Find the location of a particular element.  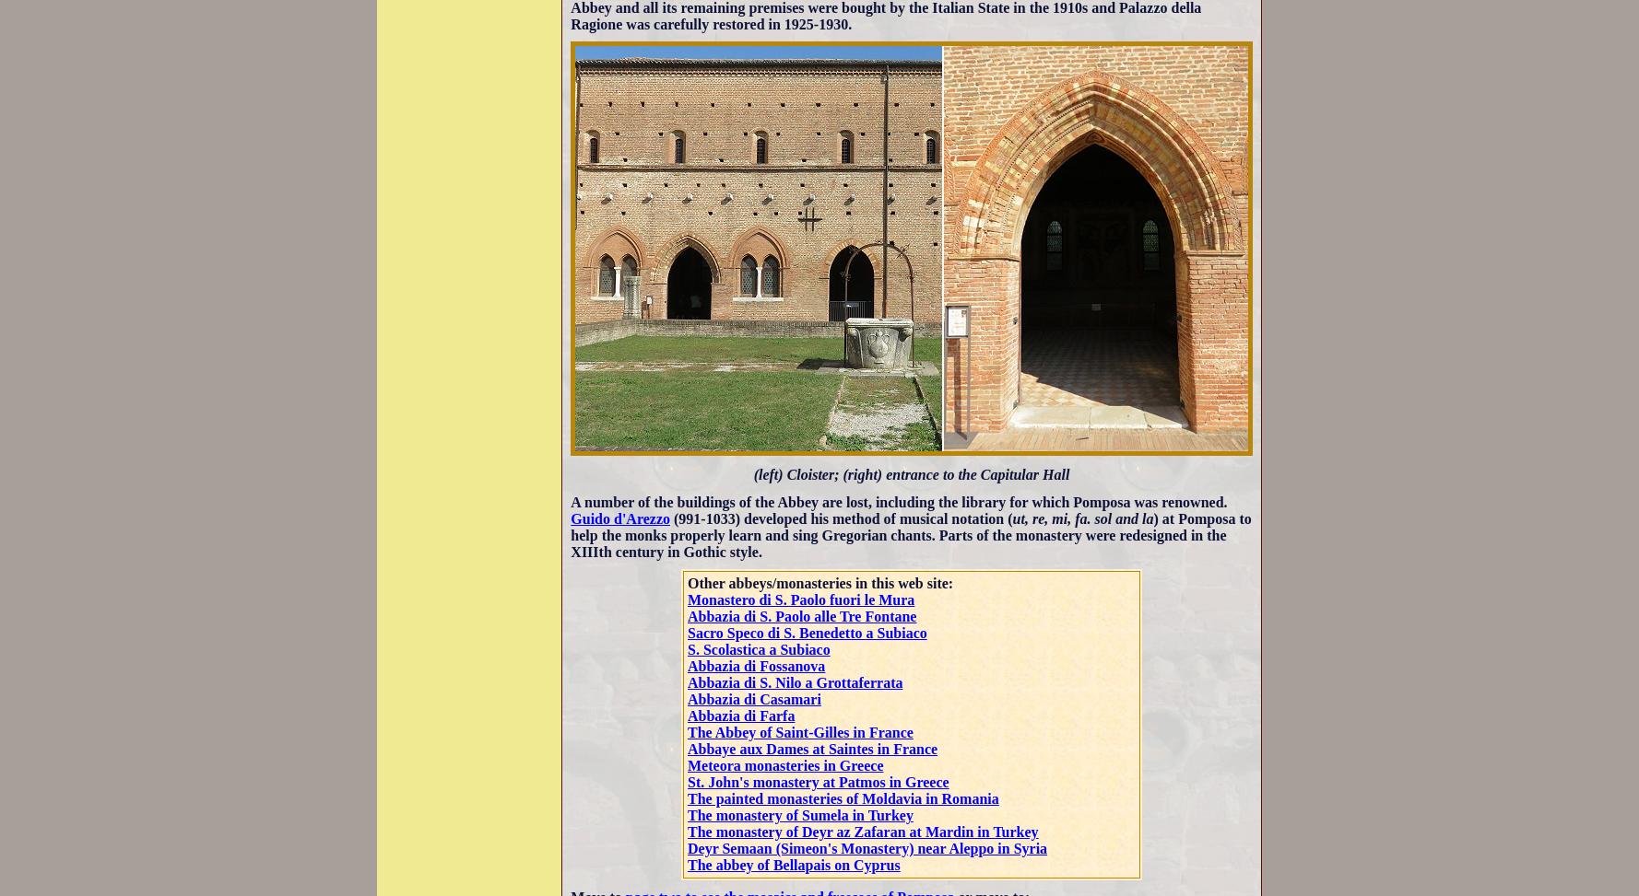

'Abbazia di Fossanova' is located at coordinates (756, 666).